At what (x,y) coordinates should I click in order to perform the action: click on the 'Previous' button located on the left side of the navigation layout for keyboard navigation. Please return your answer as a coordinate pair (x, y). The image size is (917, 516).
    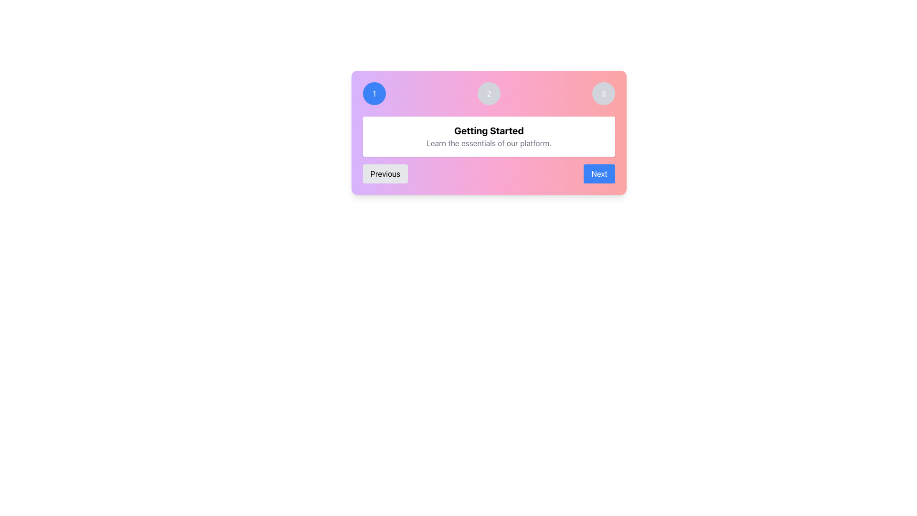
    Looking at the image, I should click on (385, 173).